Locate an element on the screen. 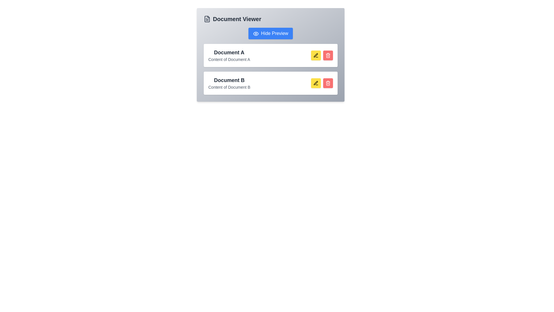  the delete button located to the right of the yellow edit button in the document entry row is located at coordinates (328, 83).